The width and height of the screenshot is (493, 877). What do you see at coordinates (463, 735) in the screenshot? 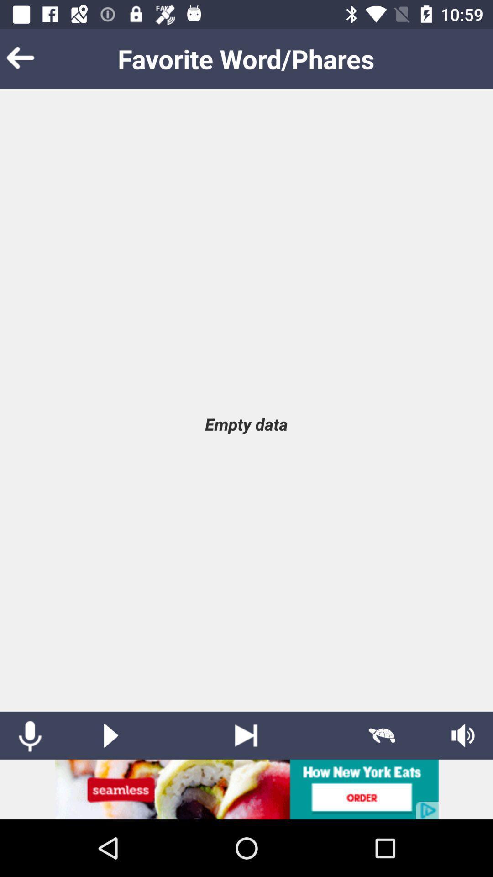
I see `speaker option` at bounding box center [463, 735].